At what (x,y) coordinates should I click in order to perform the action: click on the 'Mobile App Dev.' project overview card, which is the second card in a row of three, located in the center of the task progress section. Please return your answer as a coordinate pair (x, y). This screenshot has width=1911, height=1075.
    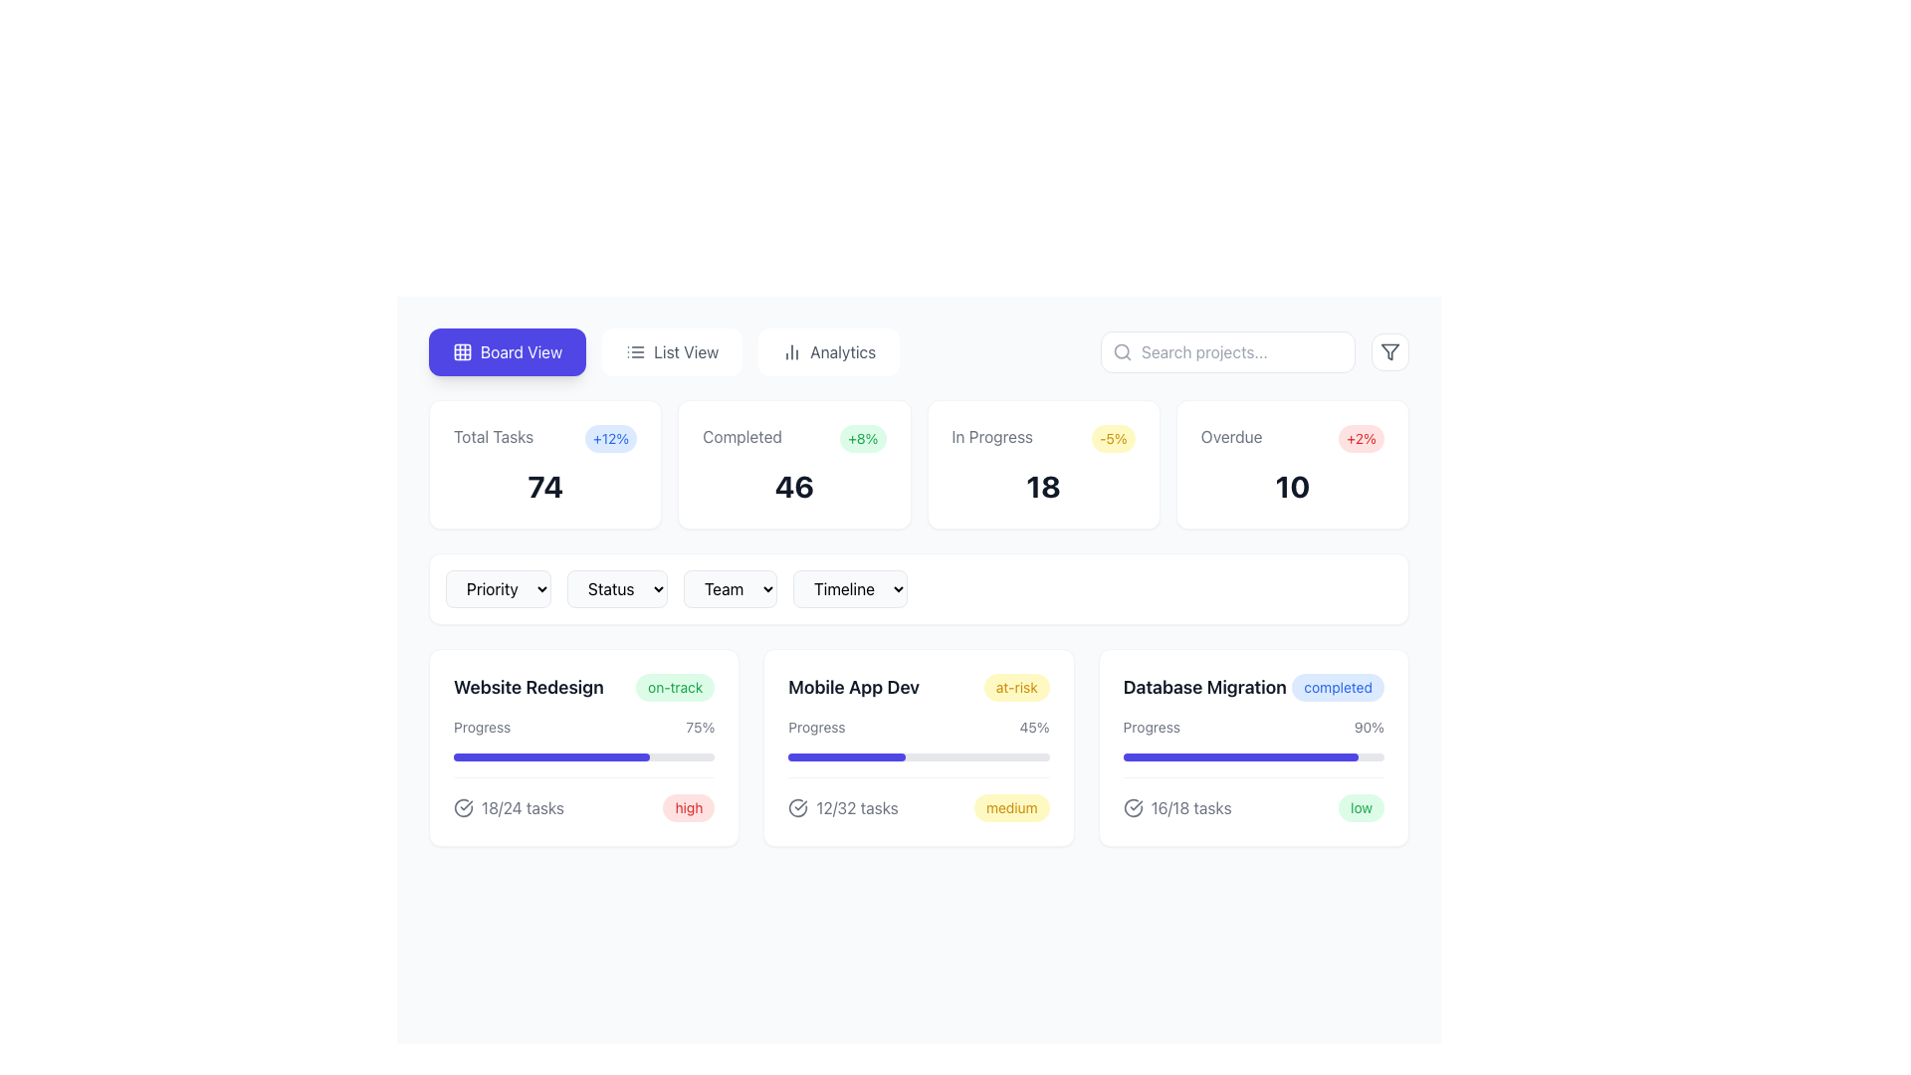
    Looking at the image, I should click on (918, 748).